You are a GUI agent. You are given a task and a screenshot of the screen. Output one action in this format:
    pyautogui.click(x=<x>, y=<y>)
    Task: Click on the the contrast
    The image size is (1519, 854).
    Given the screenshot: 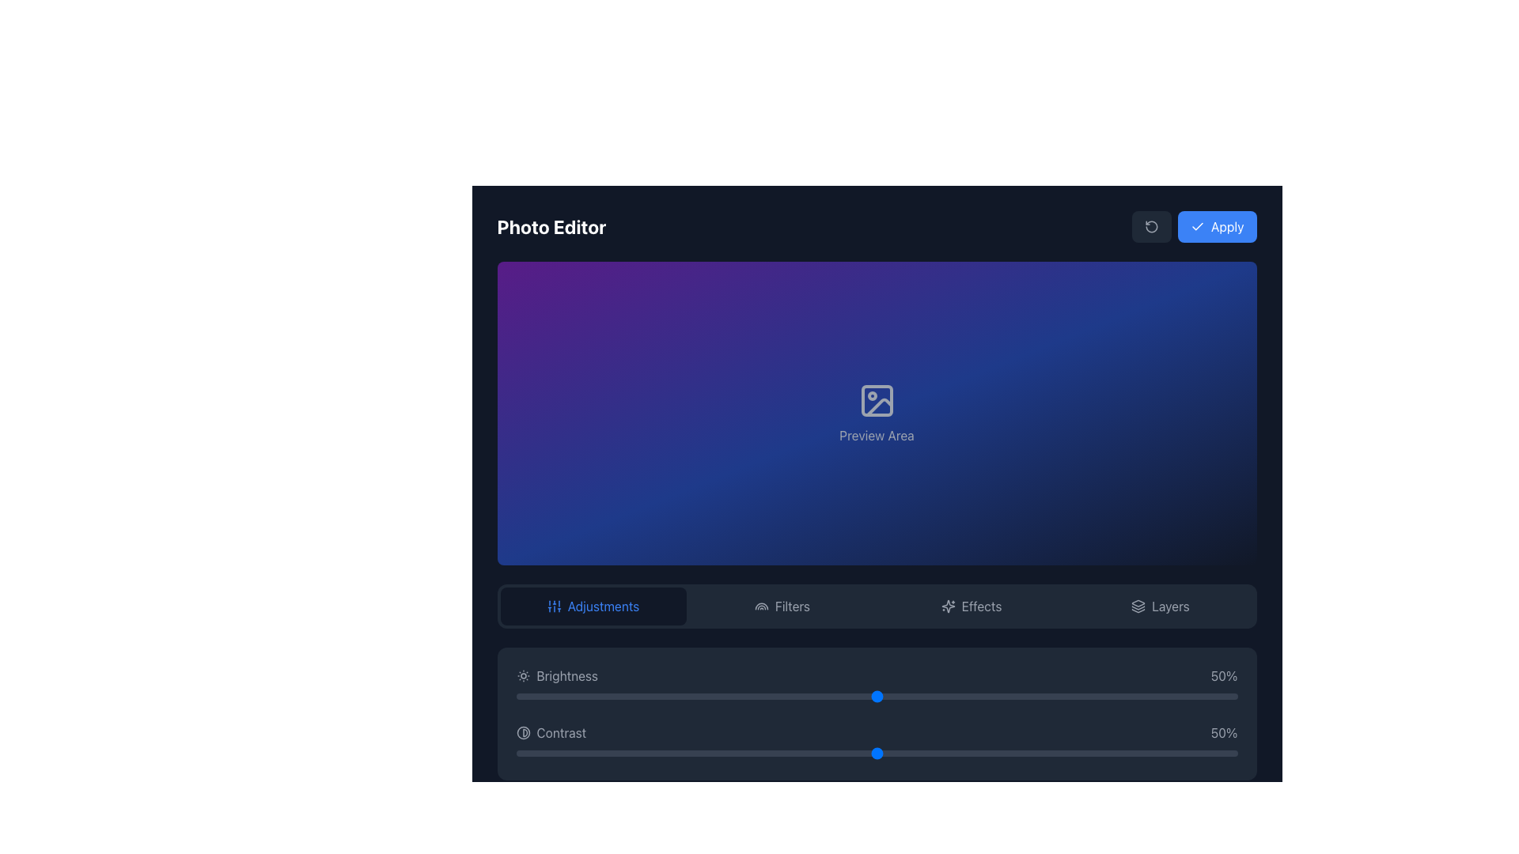 What is the action you would take?
    pyautogui.click(x=1172, y=752)
    